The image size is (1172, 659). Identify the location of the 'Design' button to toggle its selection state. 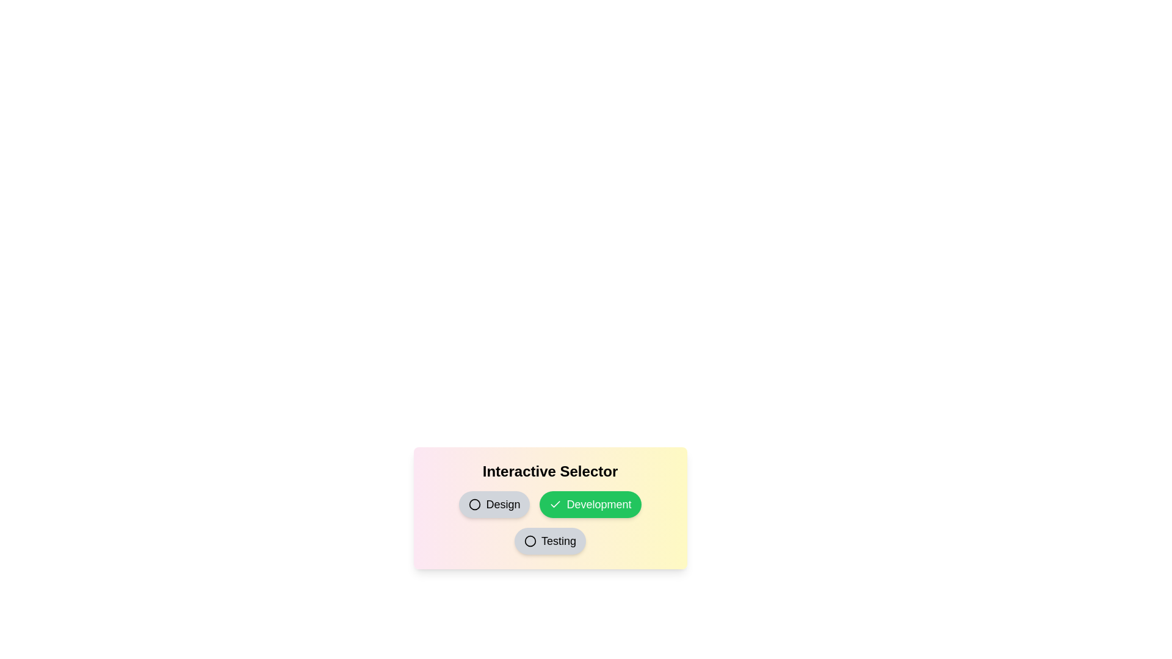
(494, 504).